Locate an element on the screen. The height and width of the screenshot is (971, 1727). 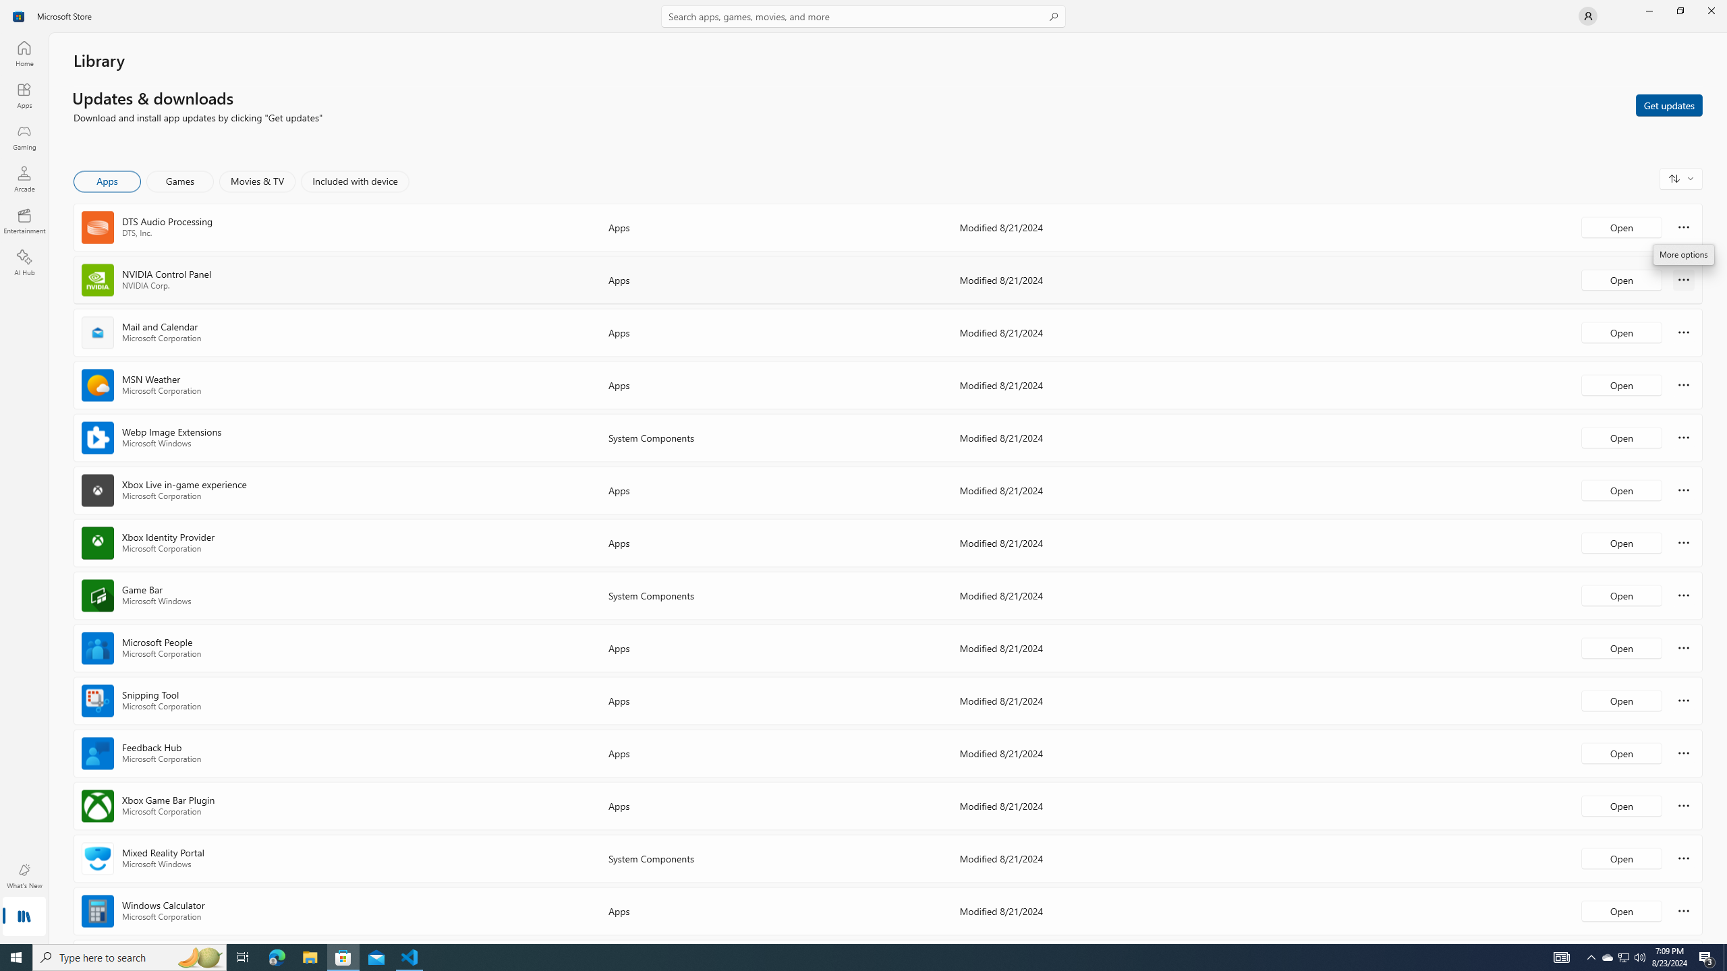
'Apps' is located at coordinates (23, 95).